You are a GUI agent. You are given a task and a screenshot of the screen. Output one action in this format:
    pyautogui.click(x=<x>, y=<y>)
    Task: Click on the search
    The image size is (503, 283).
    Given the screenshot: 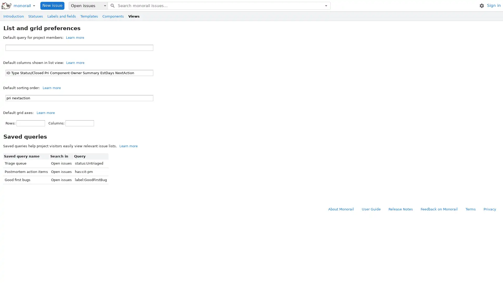 What is the action you would take?
    pyautogui.click(x=112, y=5)
    